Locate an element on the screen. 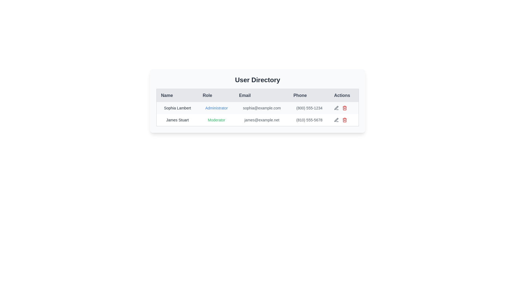 The image size is (524, 294). the delete icon in the second row of the 'Actions' column in the user directory table is located at coordinates (344, 120).